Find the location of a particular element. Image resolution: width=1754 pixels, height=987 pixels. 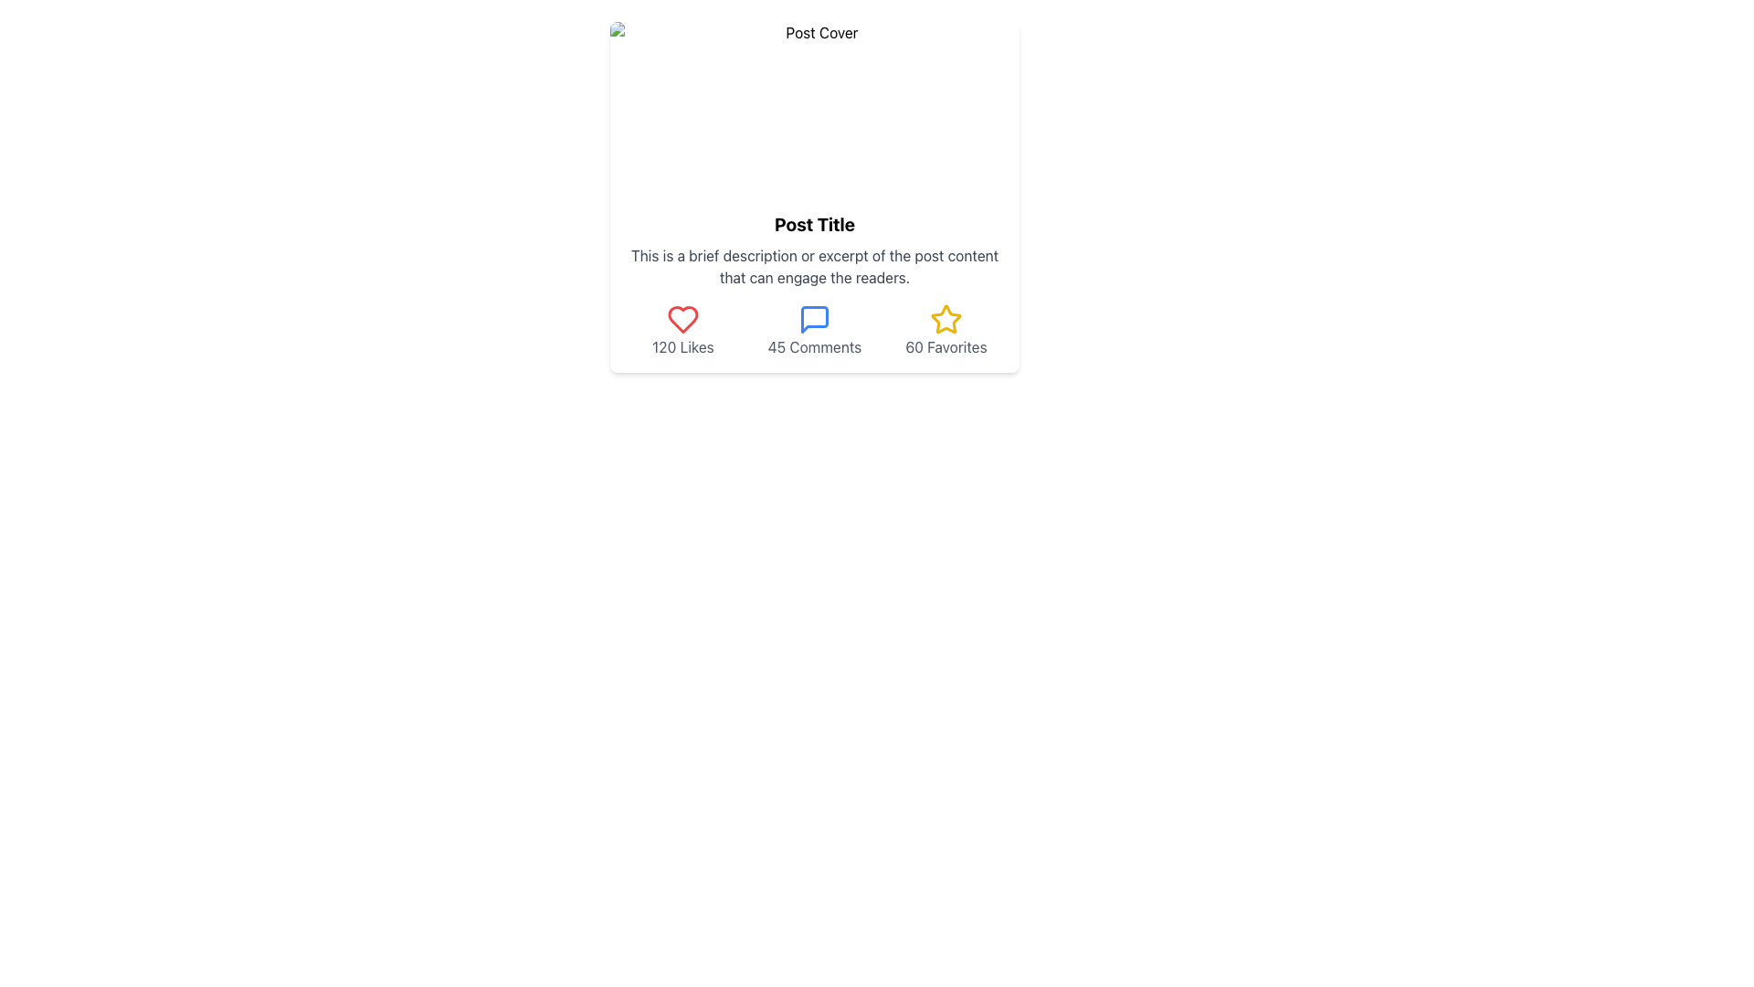

the star-shaped icon with a yellow fill and black outline located next to the '60 Favorites' text to interact with the favorites feature is located at coordinates (946, 319).